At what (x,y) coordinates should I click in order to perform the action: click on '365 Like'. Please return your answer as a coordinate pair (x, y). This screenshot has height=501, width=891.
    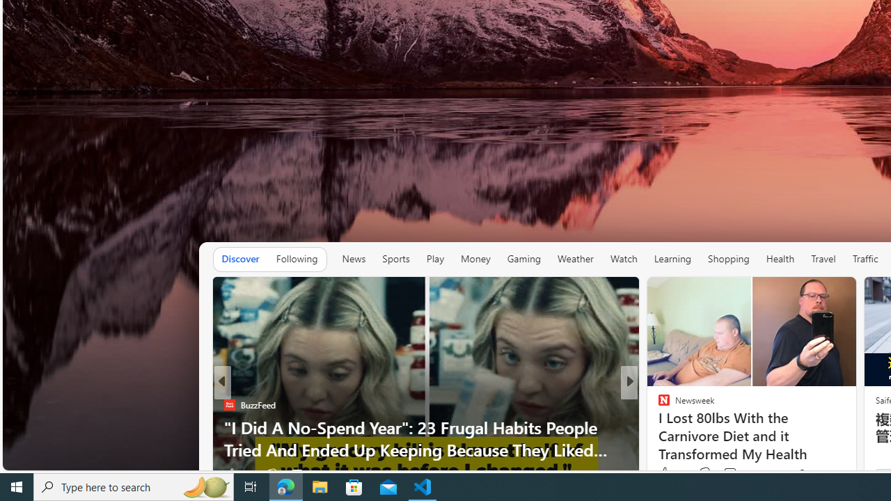
    Looking at the image, I should click on (667, 473).